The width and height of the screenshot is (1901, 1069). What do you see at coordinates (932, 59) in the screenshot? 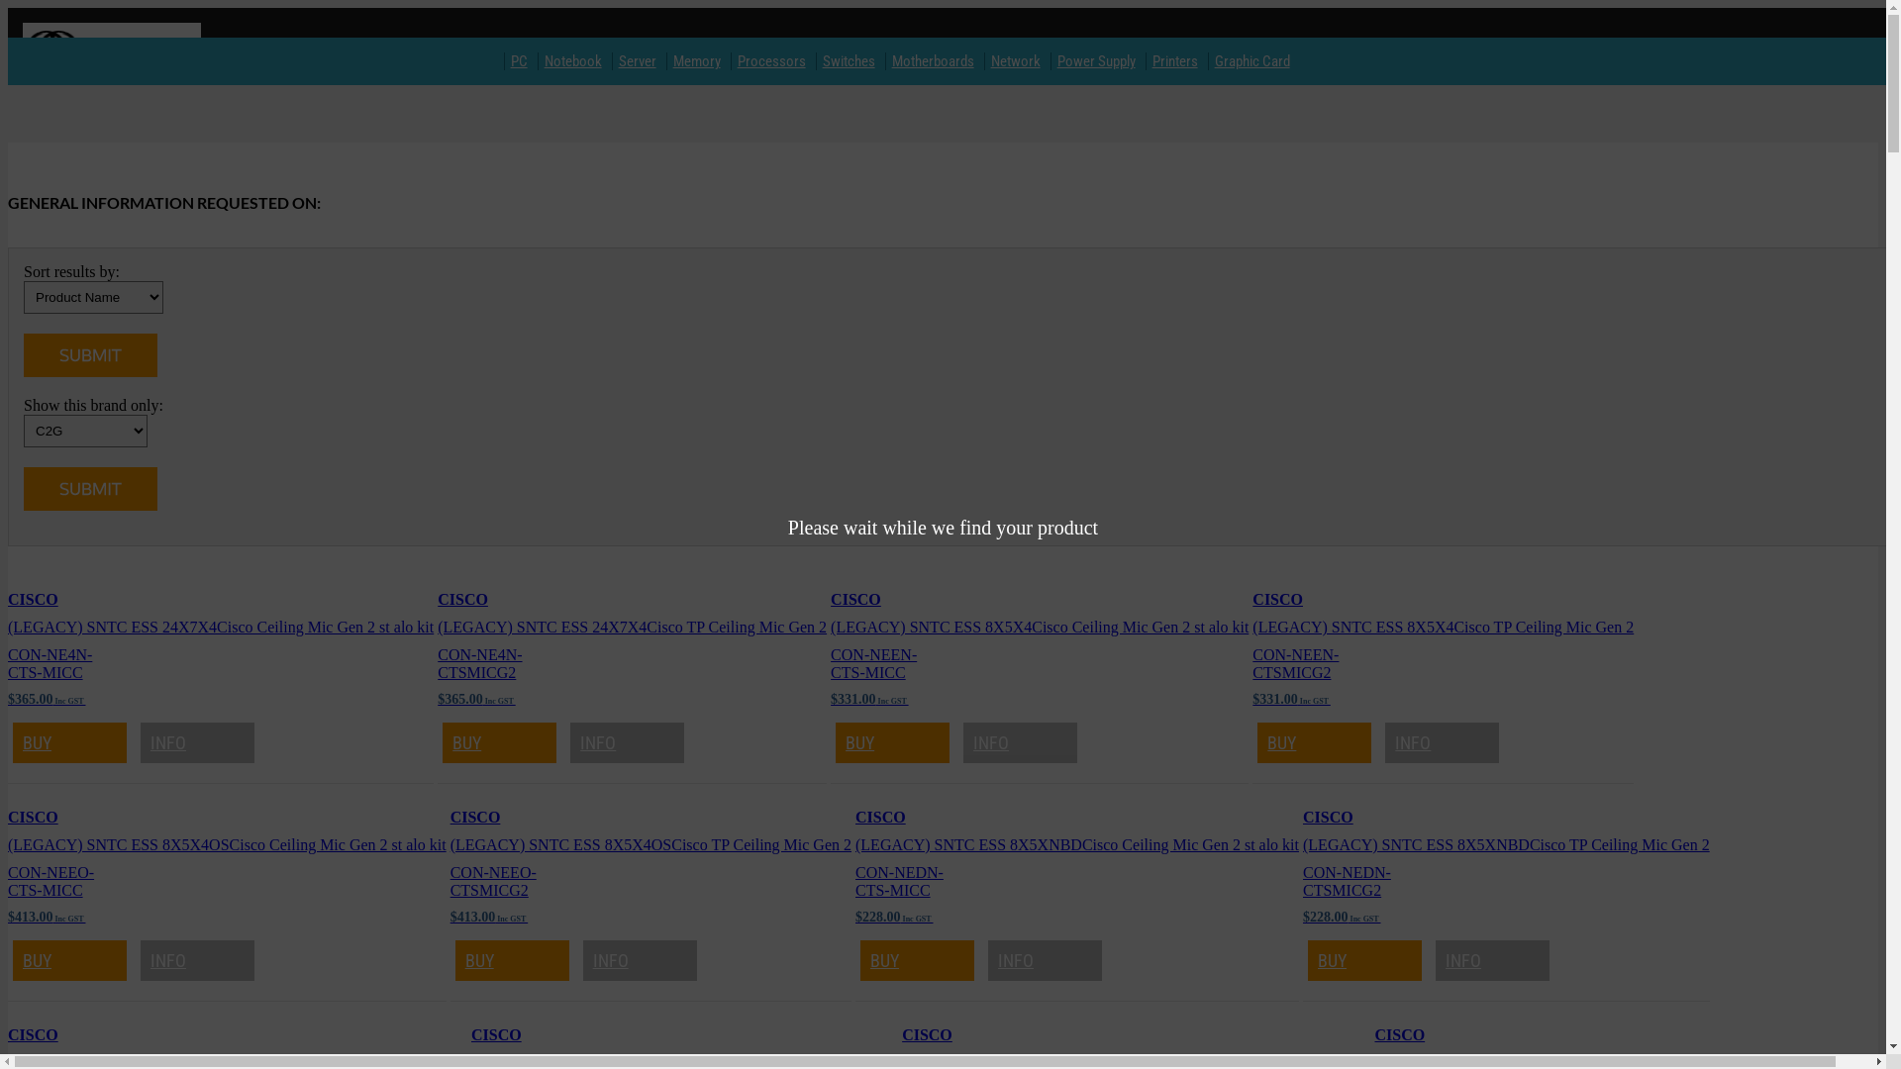
I see `'Motherboards'` at bounding box center [932, 59].